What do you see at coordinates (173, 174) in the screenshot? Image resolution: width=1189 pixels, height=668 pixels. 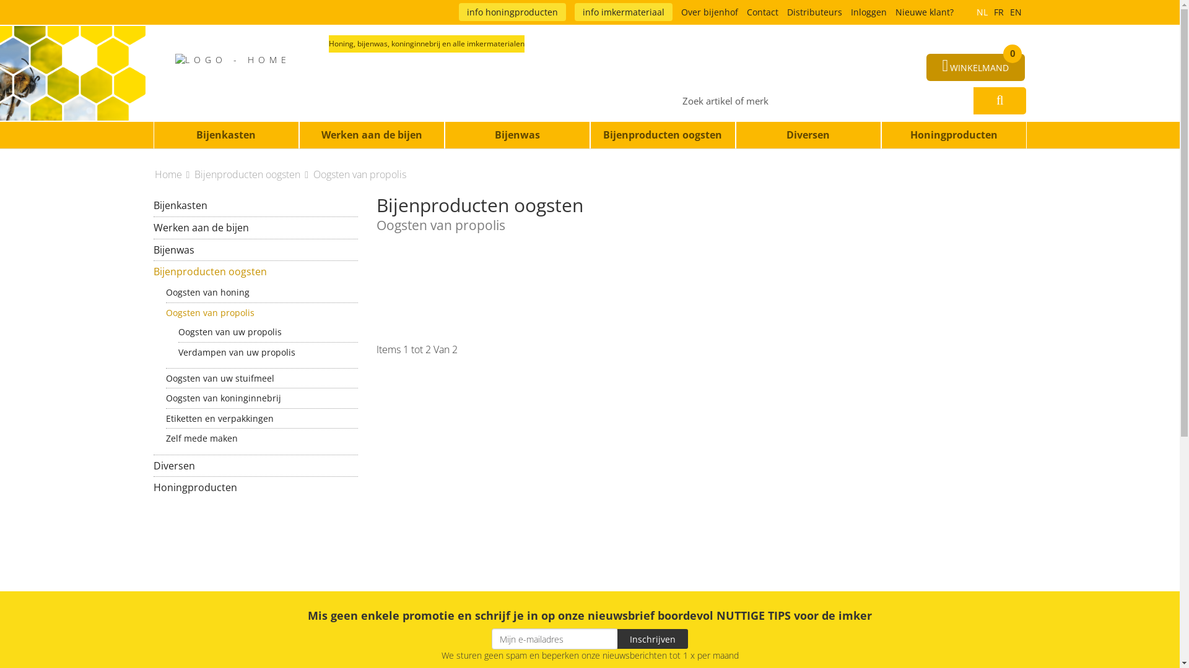 I see `'Home'` at bounding box center [173, 174].